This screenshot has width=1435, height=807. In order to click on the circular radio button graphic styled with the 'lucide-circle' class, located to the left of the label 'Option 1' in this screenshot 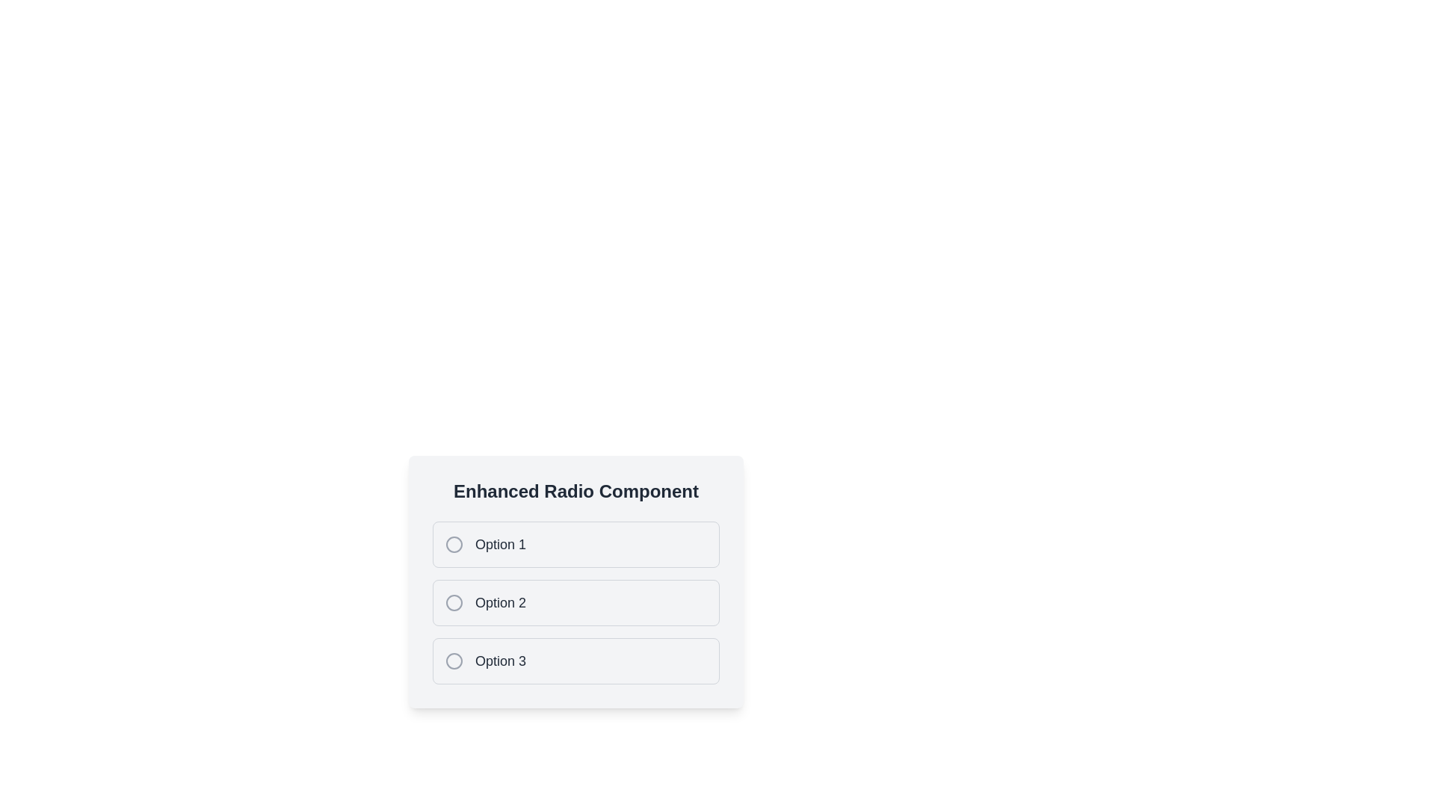, I will do `click(454, 545)`.